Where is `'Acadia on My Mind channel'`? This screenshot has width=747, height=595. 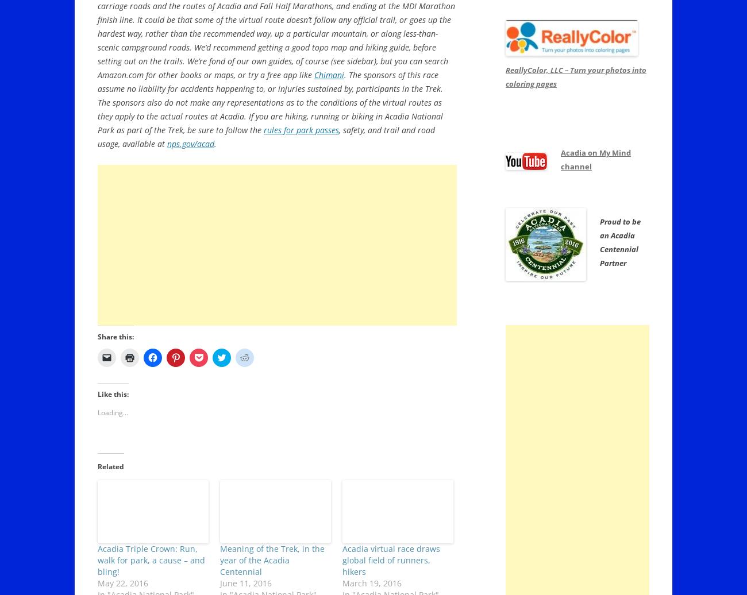
'Acadia on My Mind channel' is located at coordinates (596, 159).